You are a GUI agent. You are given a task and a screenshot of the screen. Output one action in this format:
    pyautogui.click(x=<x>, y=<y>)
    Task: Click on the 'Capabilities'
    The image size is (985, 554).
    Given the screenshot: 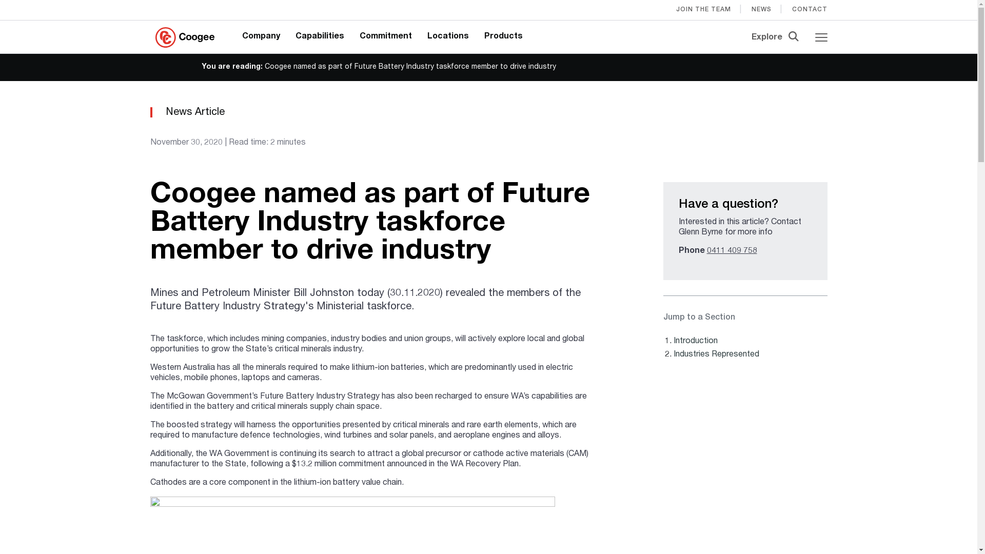 What is the action you would take?
    pyautogui.click(x=319, y=36)
    